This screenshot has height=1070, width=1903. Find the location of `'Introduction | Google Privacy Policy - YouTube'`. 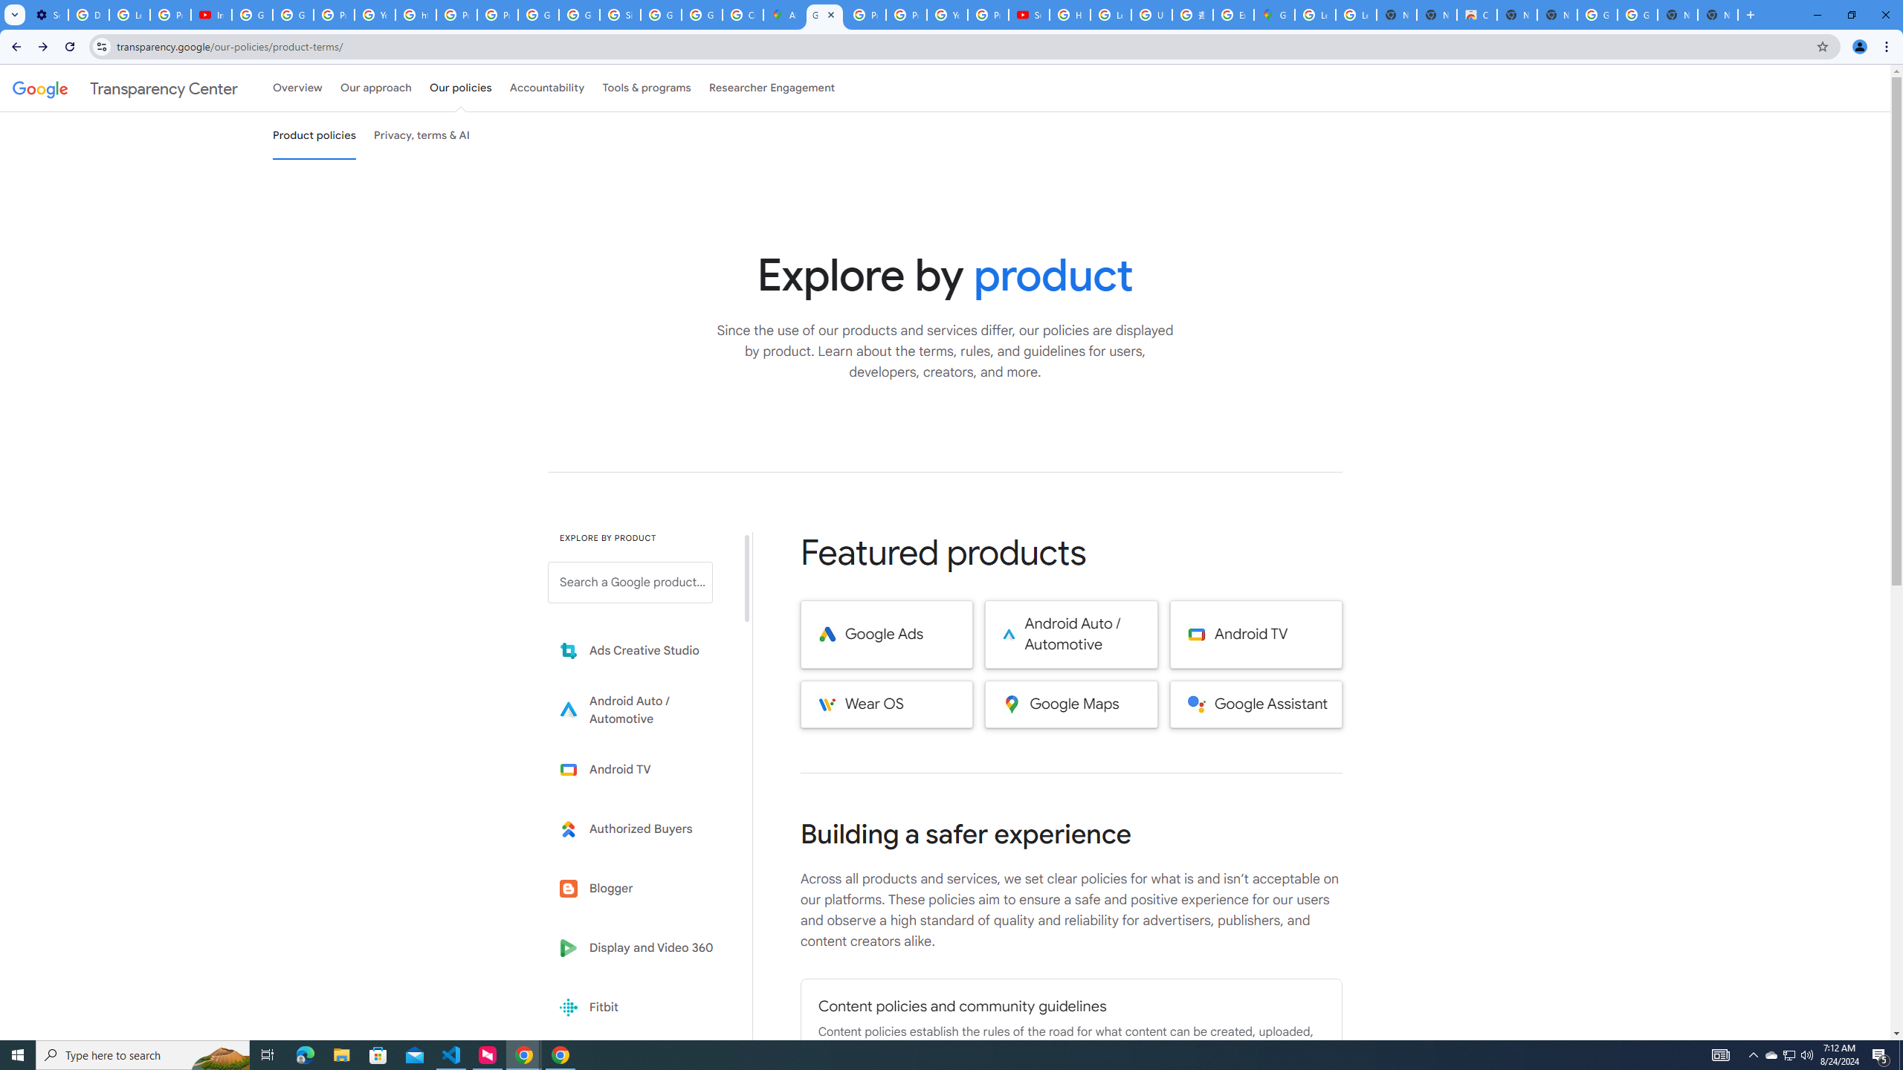

'Introduction | Google Privacy Policy - YouTube' is located at coordinates (211, 14).